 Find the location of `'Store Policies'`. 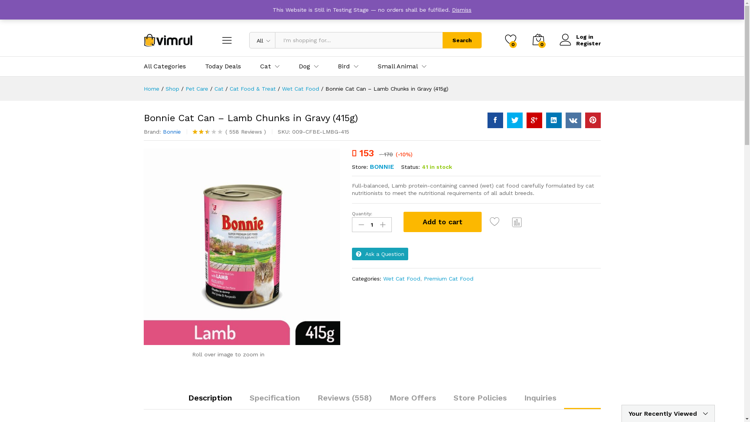

'Store Policies' is located at coordinates (479, 398).